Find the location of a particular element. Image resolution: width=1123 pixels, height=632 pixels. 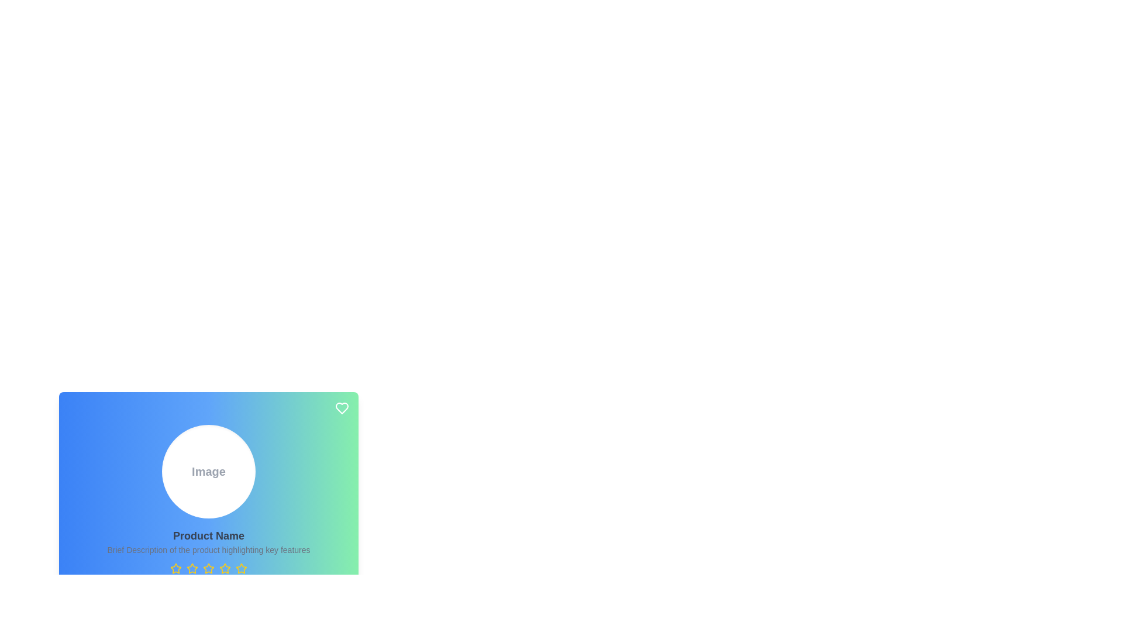

the SVG heart-shaped icon with a thin outline located near the top-right corner of the gradient-colored section is located at coordinates (342, 408).